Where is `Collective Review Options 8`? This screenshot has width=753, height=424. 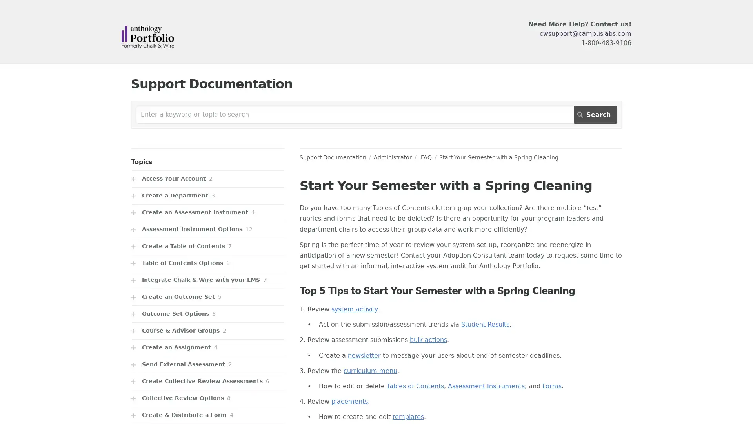 Collective Review Options 8 is located at coordinates (207, 398).